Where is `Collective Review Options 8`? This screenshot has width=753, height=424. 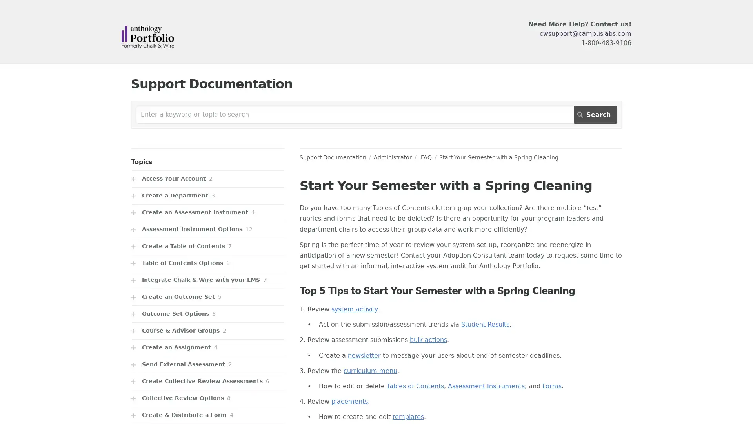 Collective Review Options 8 is located at coordinates (207, 398).